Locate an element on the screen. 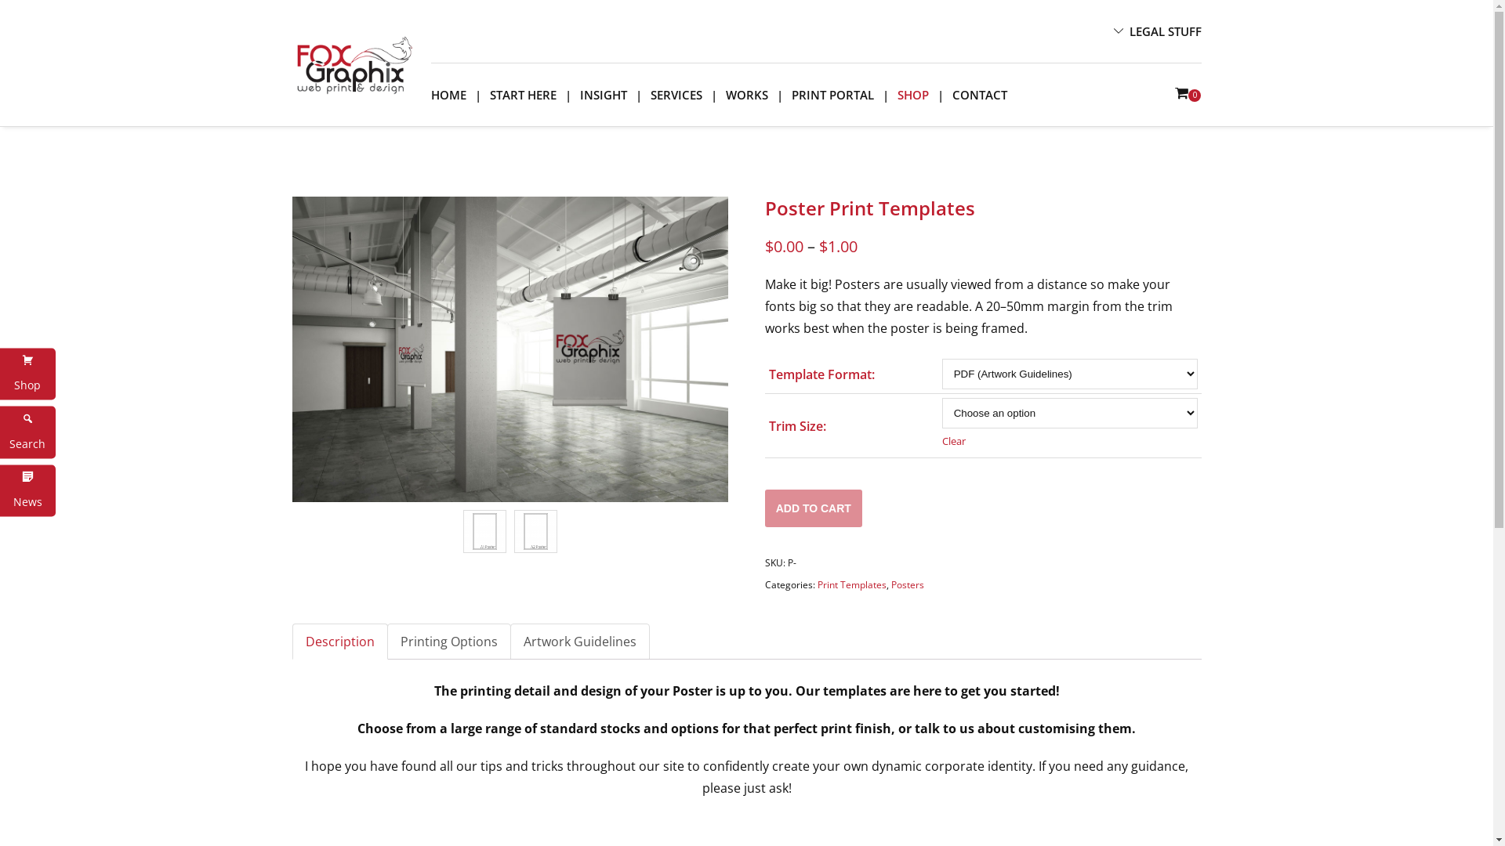 The width and height of the screenshot is (1505, 846). 'Posters' is located at coordinates (891, 584).